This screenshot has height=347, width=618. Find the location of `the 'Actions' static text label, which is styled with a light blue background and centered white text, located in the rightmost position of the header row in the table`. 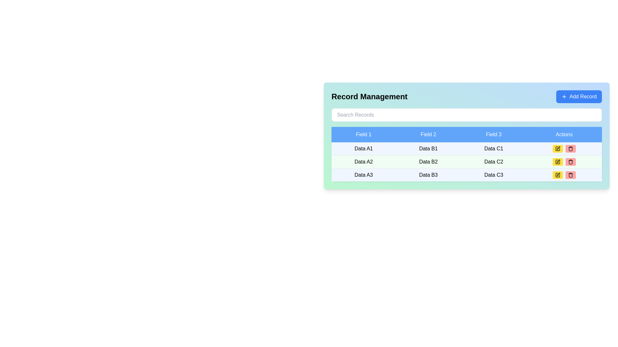

the 'Actions' static text label, which is styled with a light blue background and centered white text, located in the rightmost position of the header row in the table is located at coordinates (564, 134).